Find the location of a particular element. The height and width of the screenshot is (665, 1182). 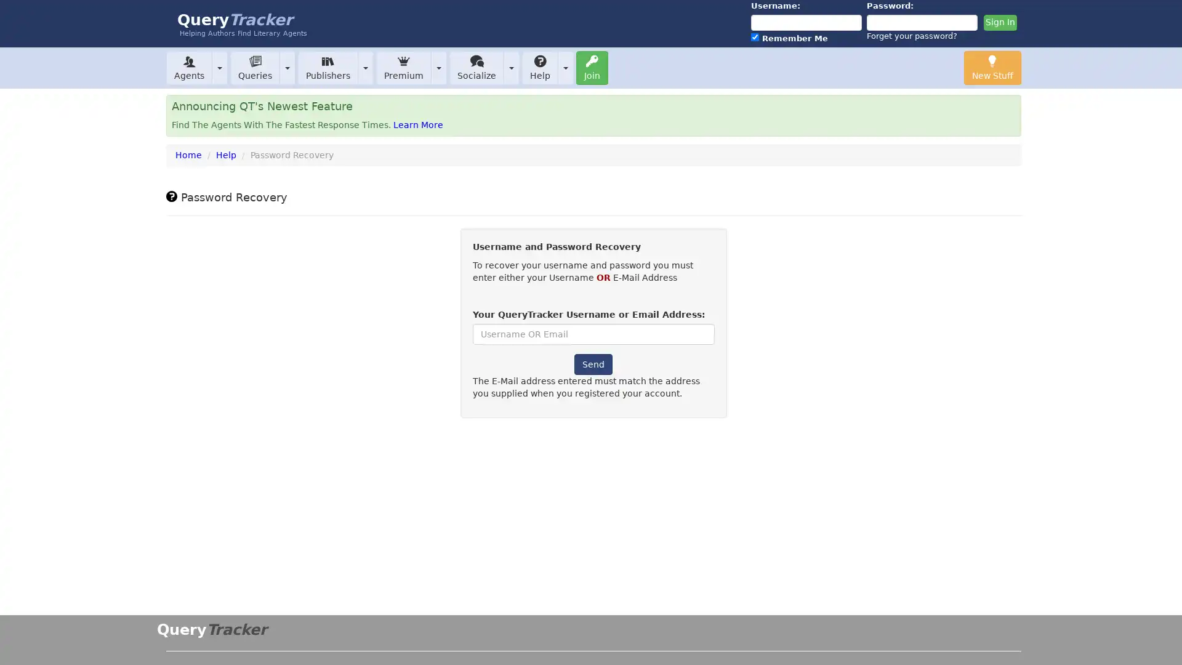

Toggle Dropdown is located at coordinates (565, 67).